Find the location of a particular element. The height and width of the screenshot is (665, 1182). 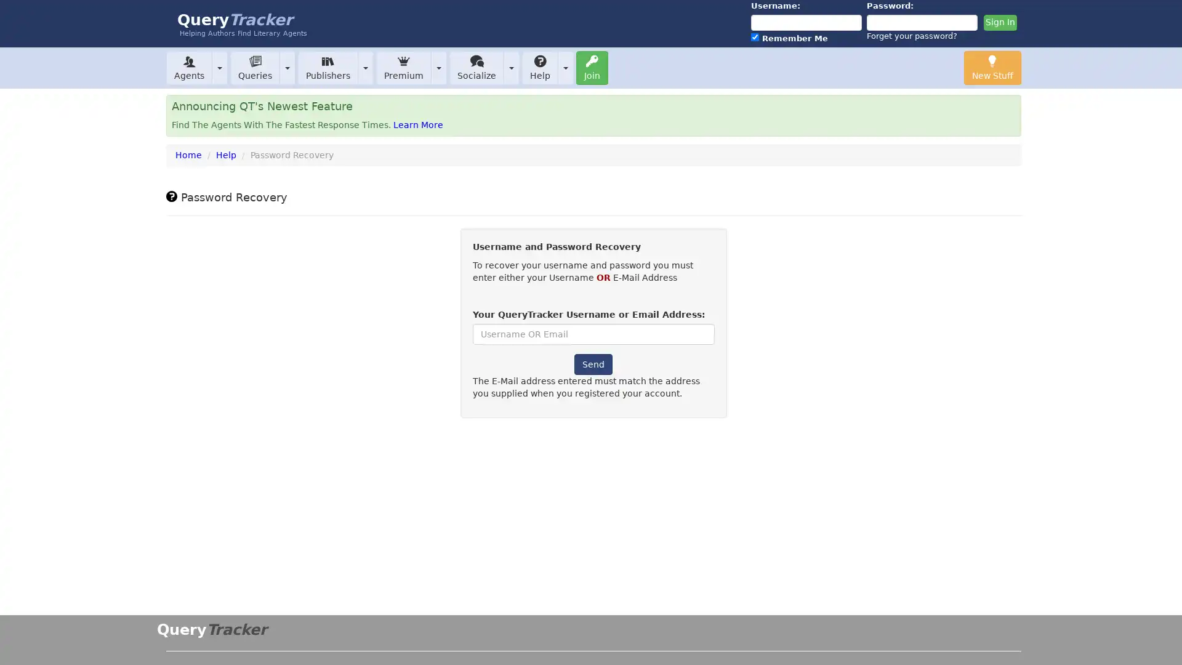

Toggle Dropdown is located at coordinates (565, 67).